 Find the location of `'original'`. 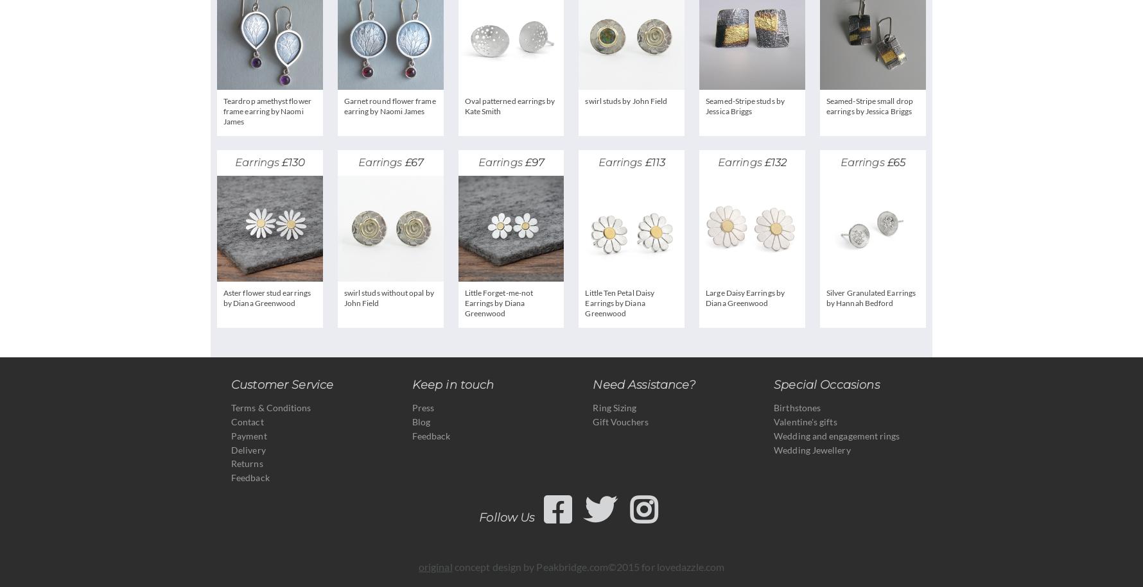

'original' is located at coordinates (434, 566).